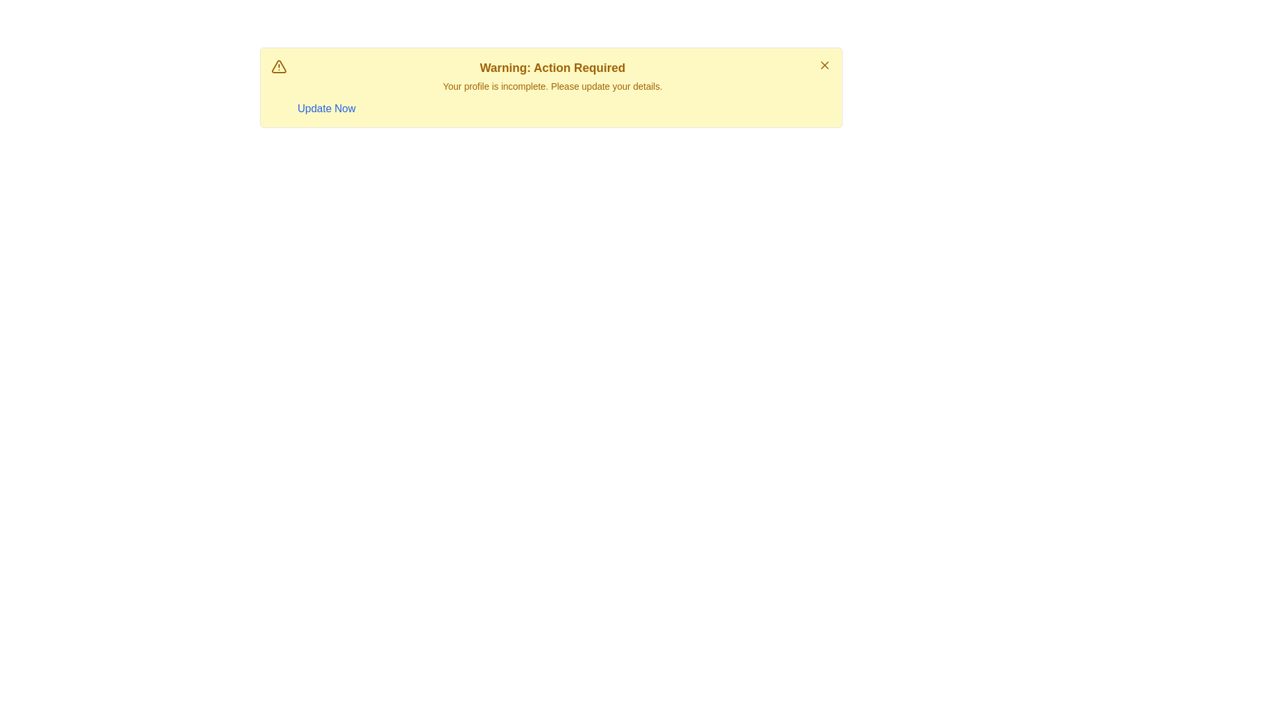 This screenshot has height=713, width=1267. What do you see at coordinates (552, 87) in the screenshot?
I see `the text block containing the warning header 'Warning: Action Required' and the call-to-action link 'Update Now' within the yellow notification banner` at bounding box center [552, 87].